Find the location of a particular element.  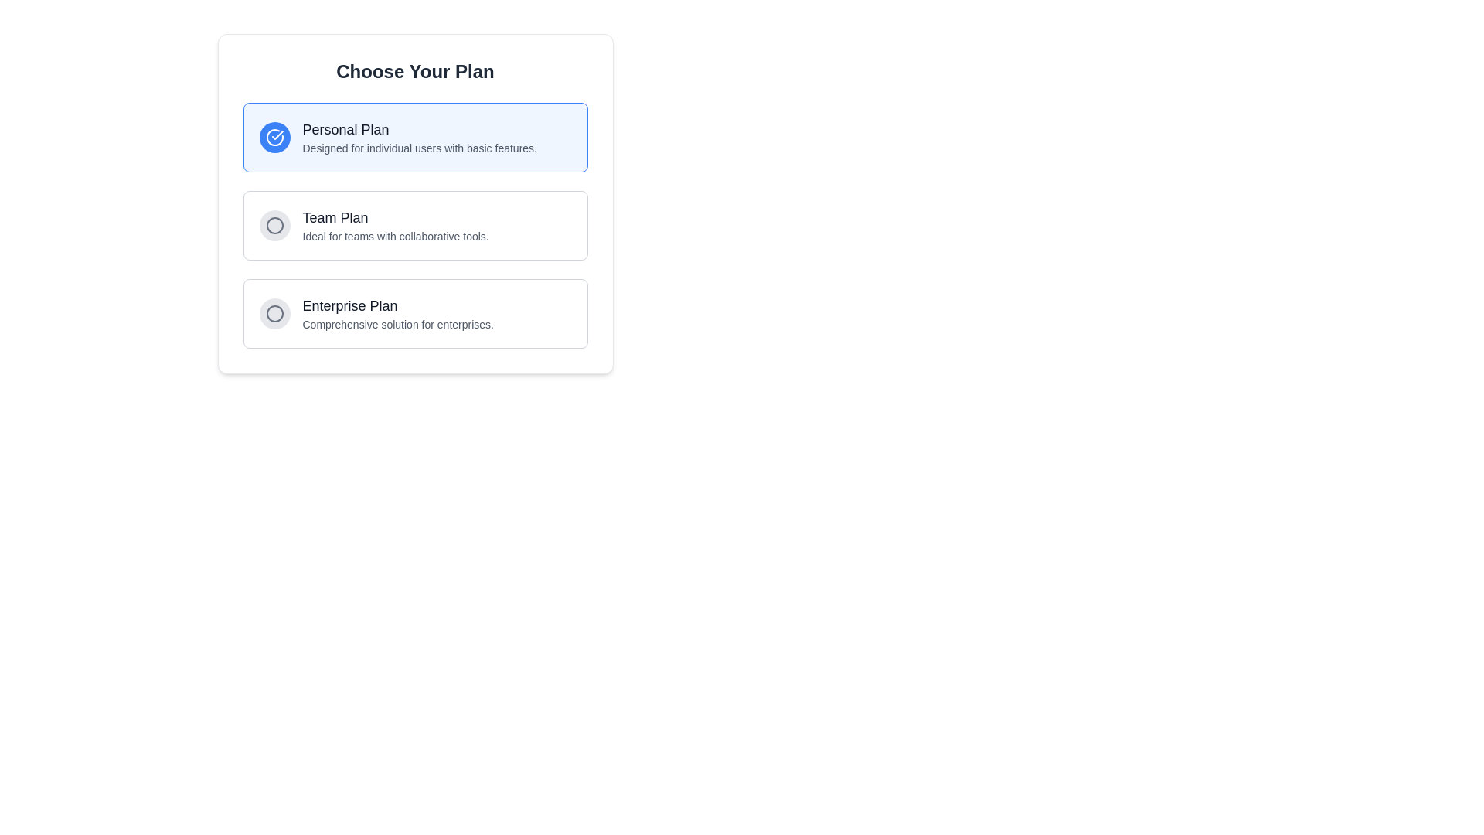

the 'Personal Plan' button, which is the first option in a vertical list, featuring a light blue background and a checkmark icon is located at coordinates (415, 136).